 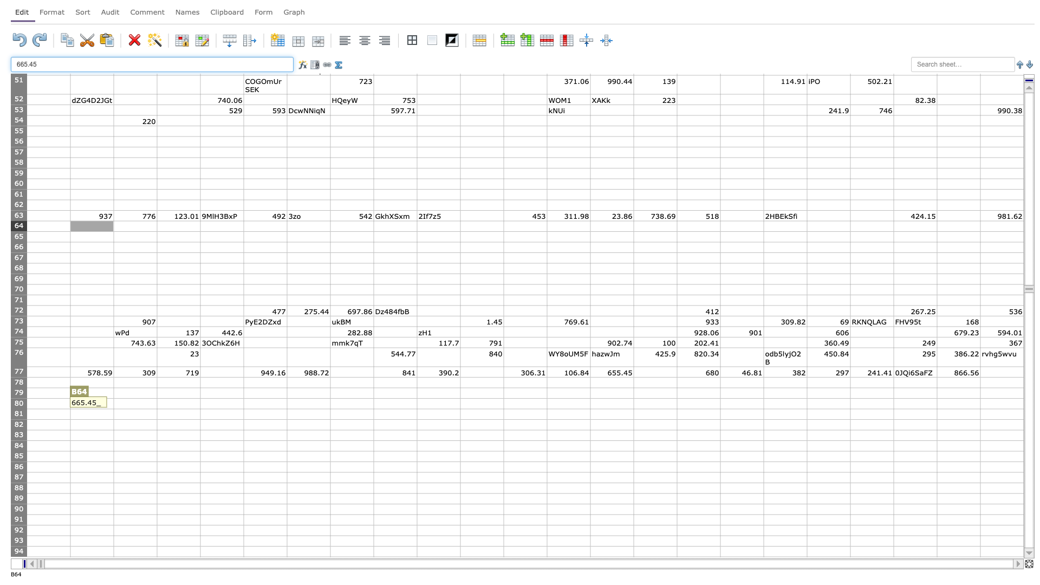 I want to click on top left corner of D80, so click(x=156, y=398).